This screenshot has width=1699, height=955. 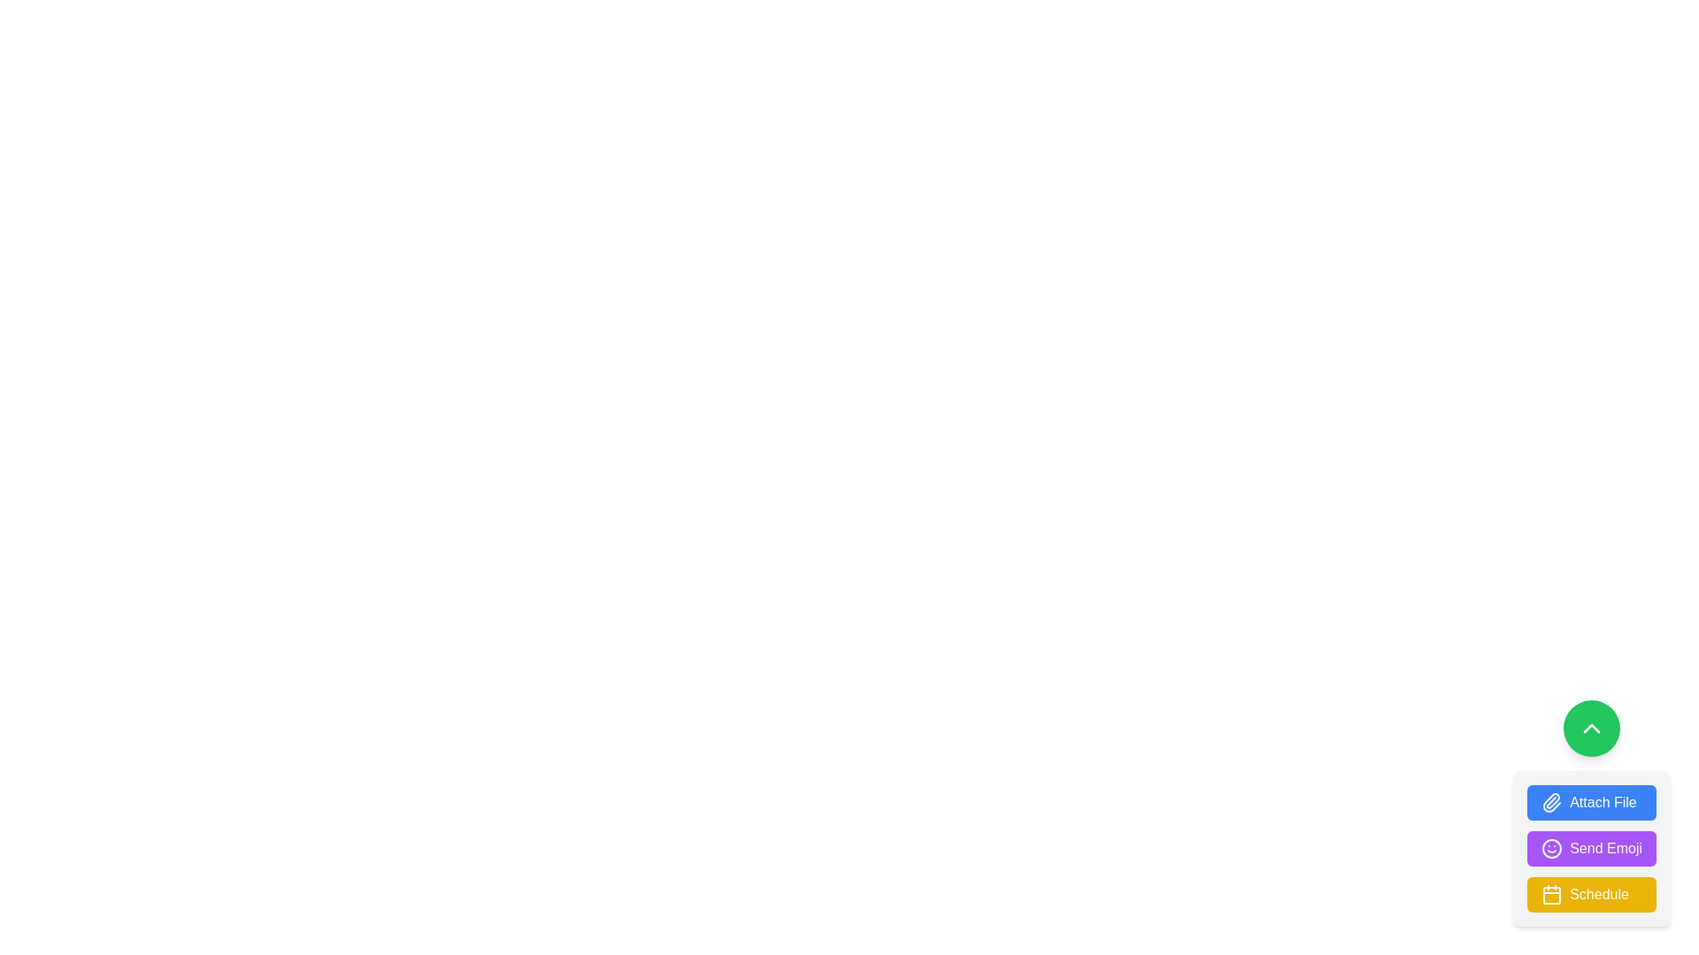 What do you see at coordinates (1551, 894) in the screenshot?
I see `the calendar icon within the 'Schedule' button located at the bottom-right corner of the interface` at bounding box center [1551, 894].